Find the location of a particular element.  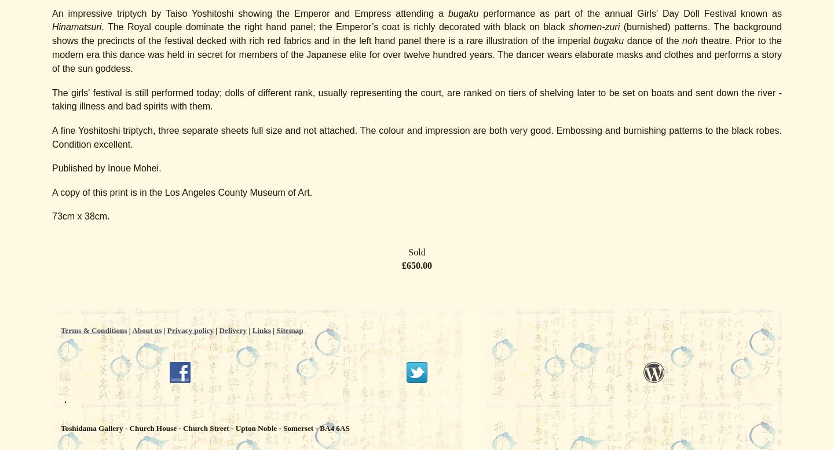

'About us' is located at coordinates (146, 330).